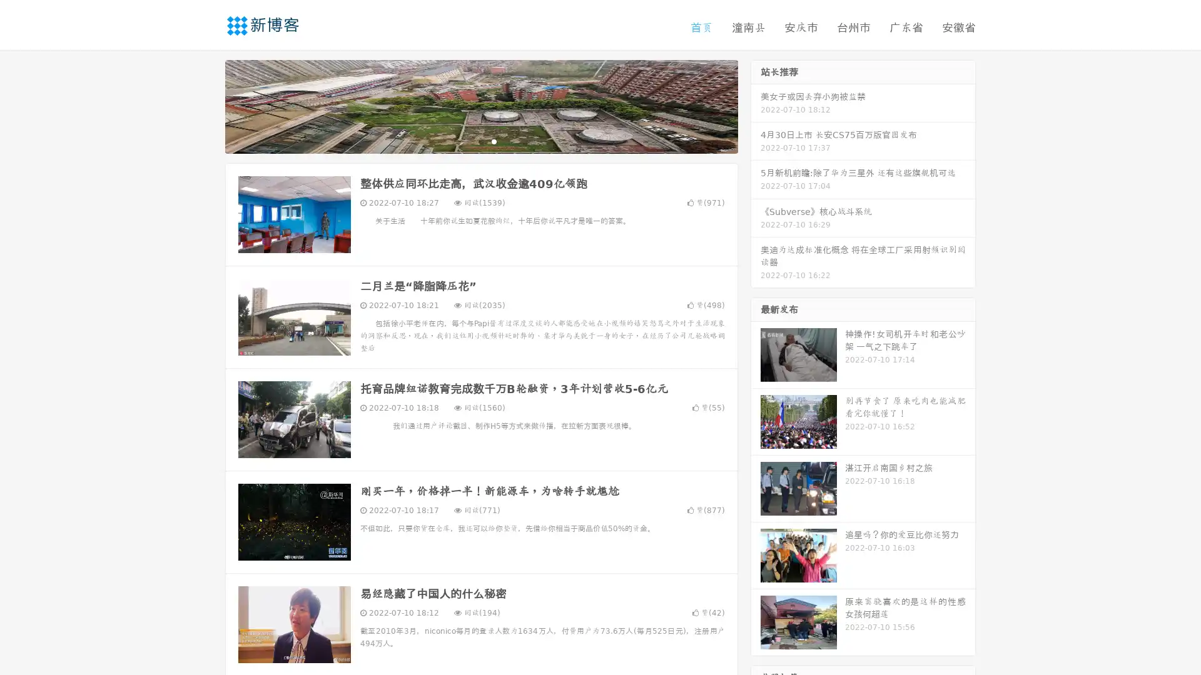  I want to click on Go to slide 1, so click(468, 141).